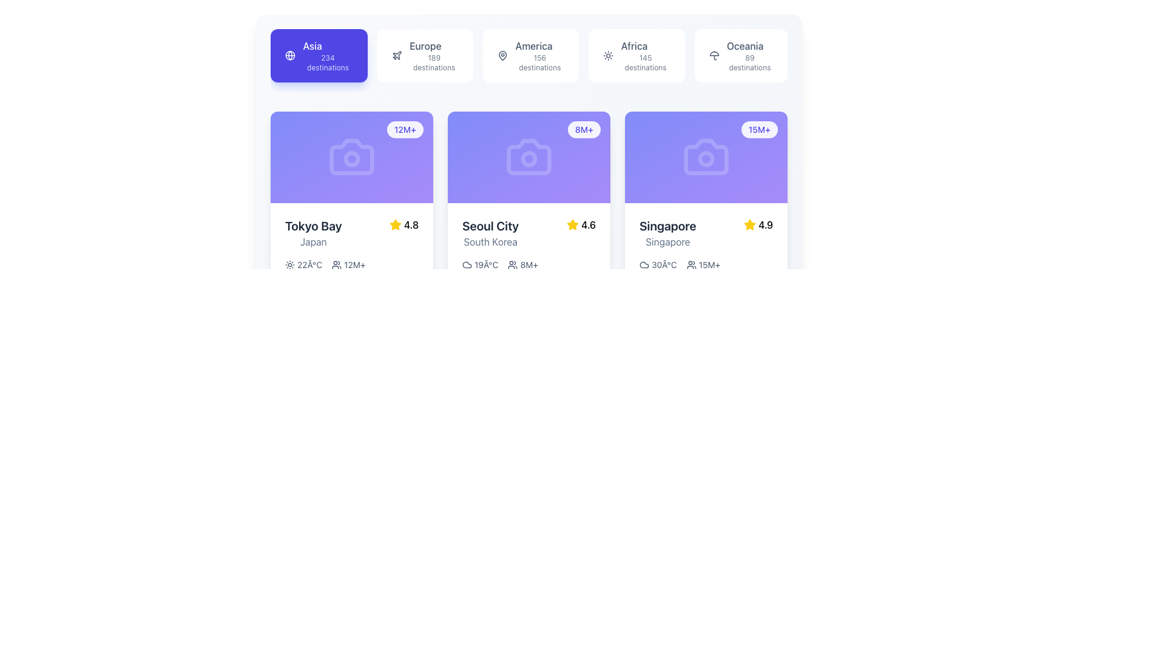  Describe the element at coordinates (529, 56) in the screenshot. I see `the card representing the 'America' category, which is the third item in a row of navigation options, styled as a button-like card with a pin icon and the text '156 destinations' below it` at that location.